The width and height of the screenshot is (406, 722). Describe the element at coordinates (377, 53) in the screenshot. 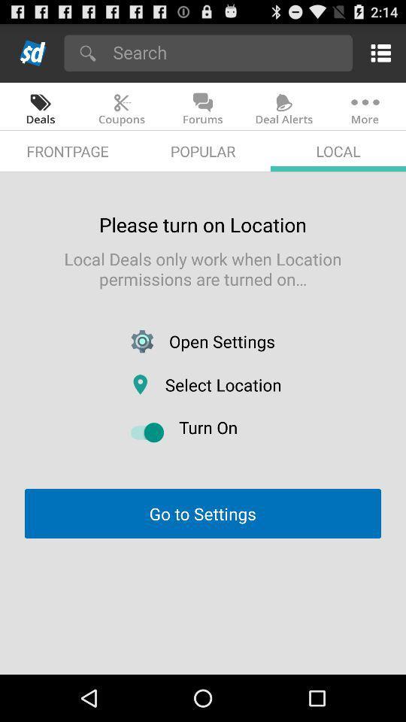

I see `open menu` at that location.